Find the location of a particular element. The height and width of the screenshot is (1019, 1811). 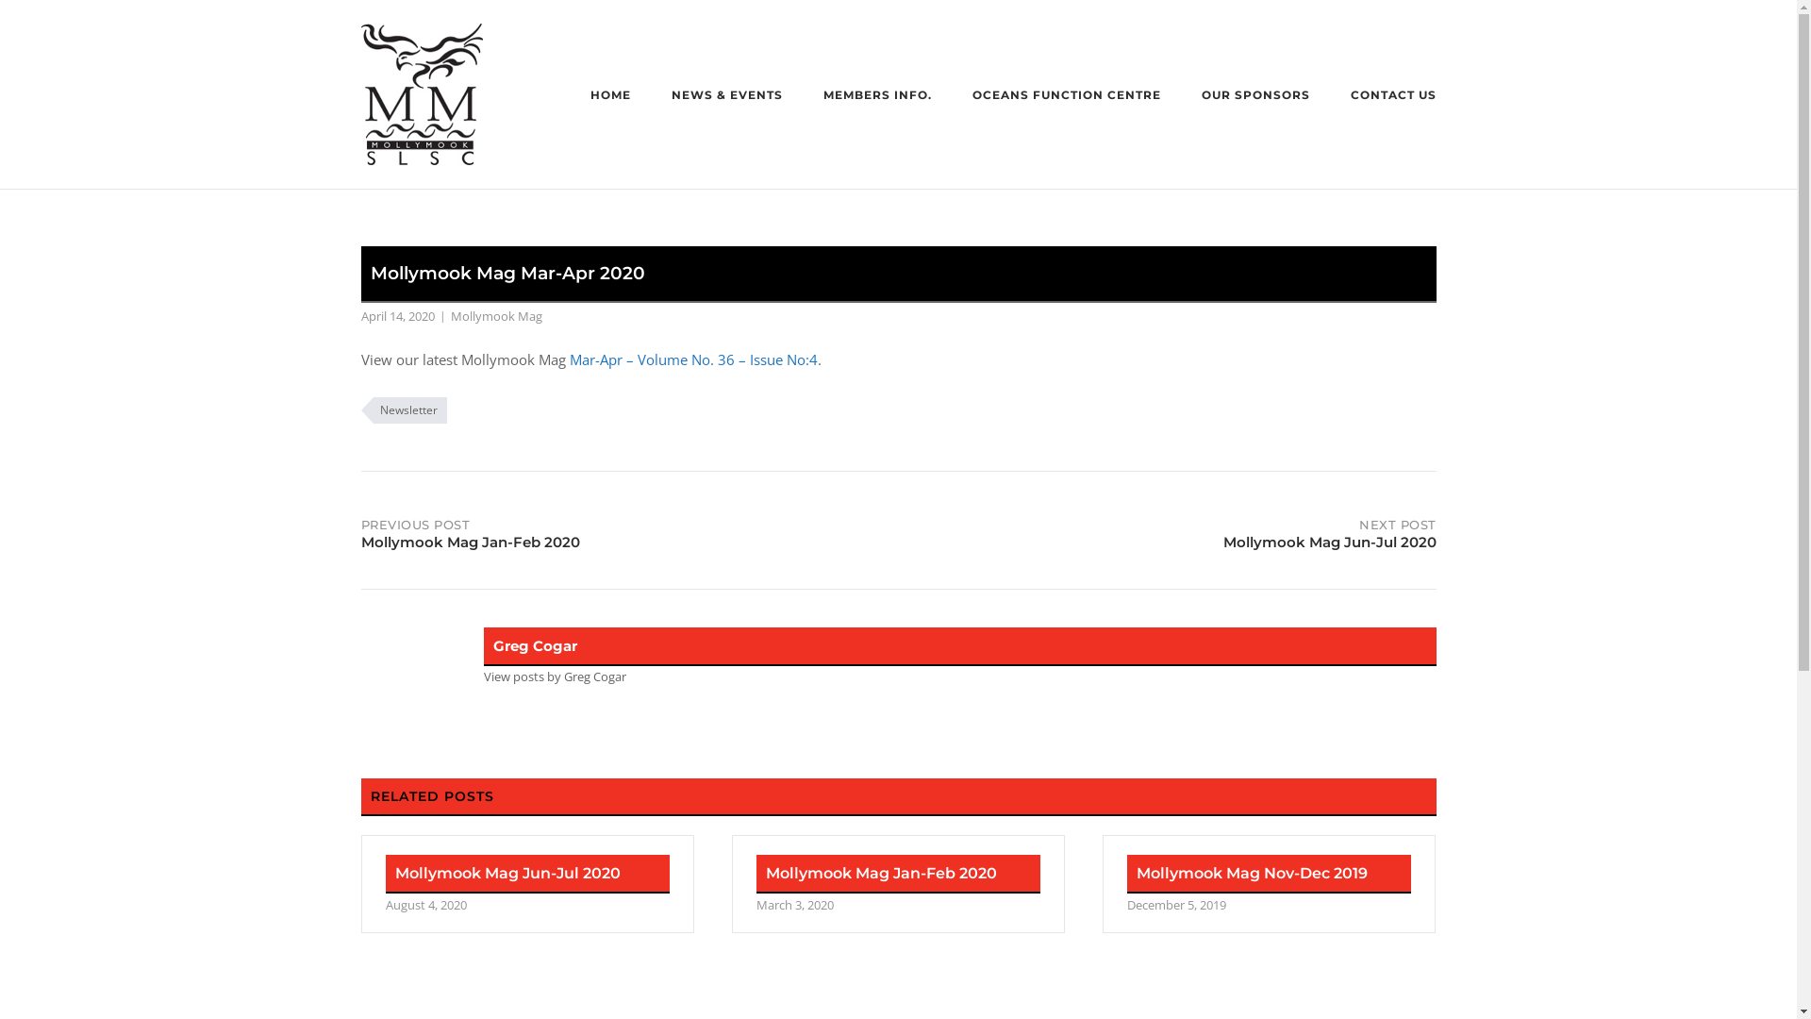

'NEWS & EVENTS' is located at coordinates (726, 97).